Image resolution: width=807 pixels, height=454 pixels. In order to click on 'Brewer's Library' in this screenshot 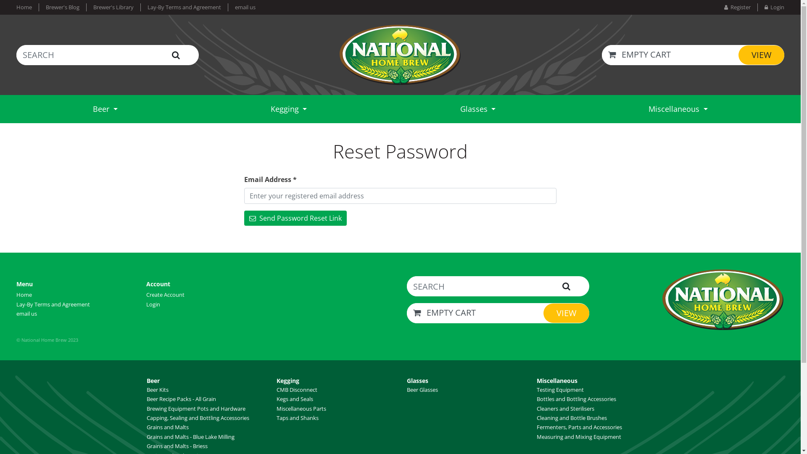, I will do `click(113, 7)`.